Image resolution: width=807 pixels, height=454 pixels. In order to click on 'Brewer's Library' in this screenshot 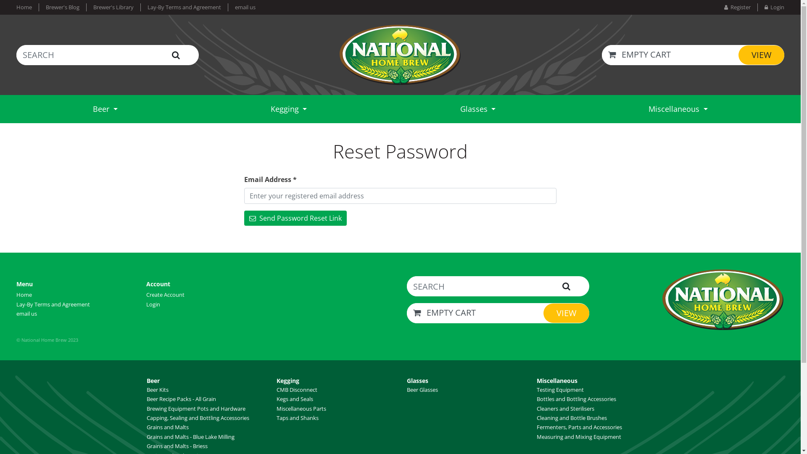, I will do `click(113, 7)`.